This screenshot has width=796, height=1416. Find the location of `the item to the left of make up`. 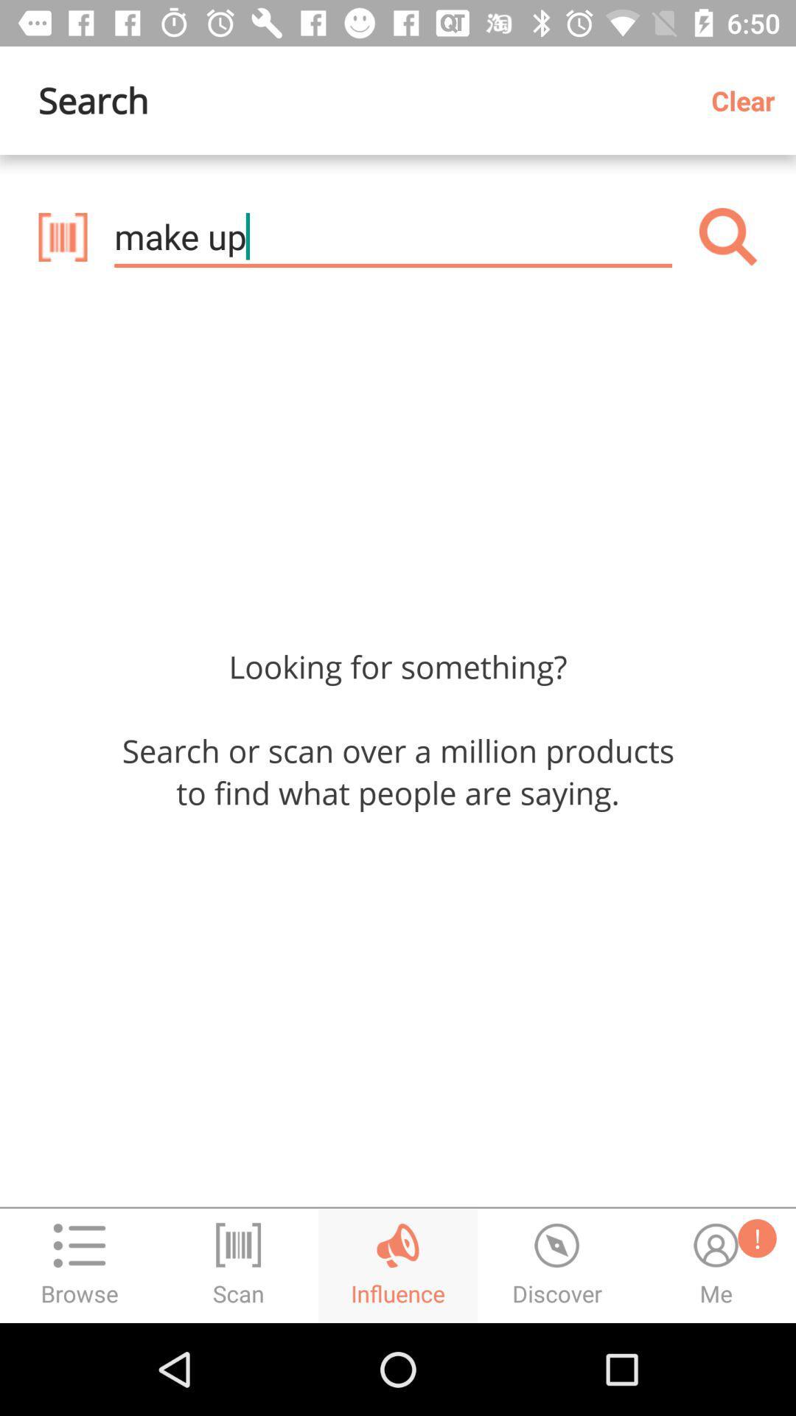

the item to the left of make up is located at coordinates (62, 237).